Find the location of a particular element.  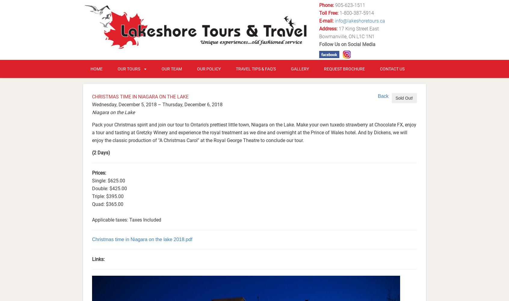

'Our Team' is located at coordinates (171, 68).